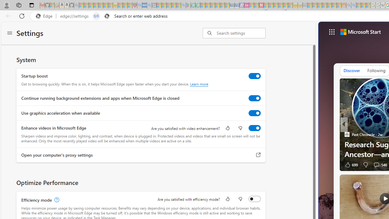  Describe the element at coordinates (236, 5) in the screenshot. I see `'Cheap Hotels - Save70.com - Sleeping'` at that location.